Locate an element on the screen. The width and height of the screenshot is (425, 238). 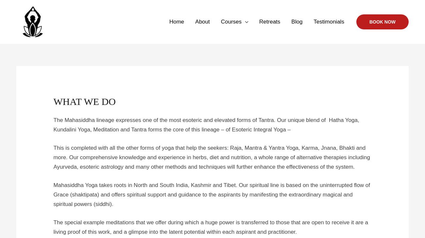
'Book Now' is located at coordinates (382, 22).